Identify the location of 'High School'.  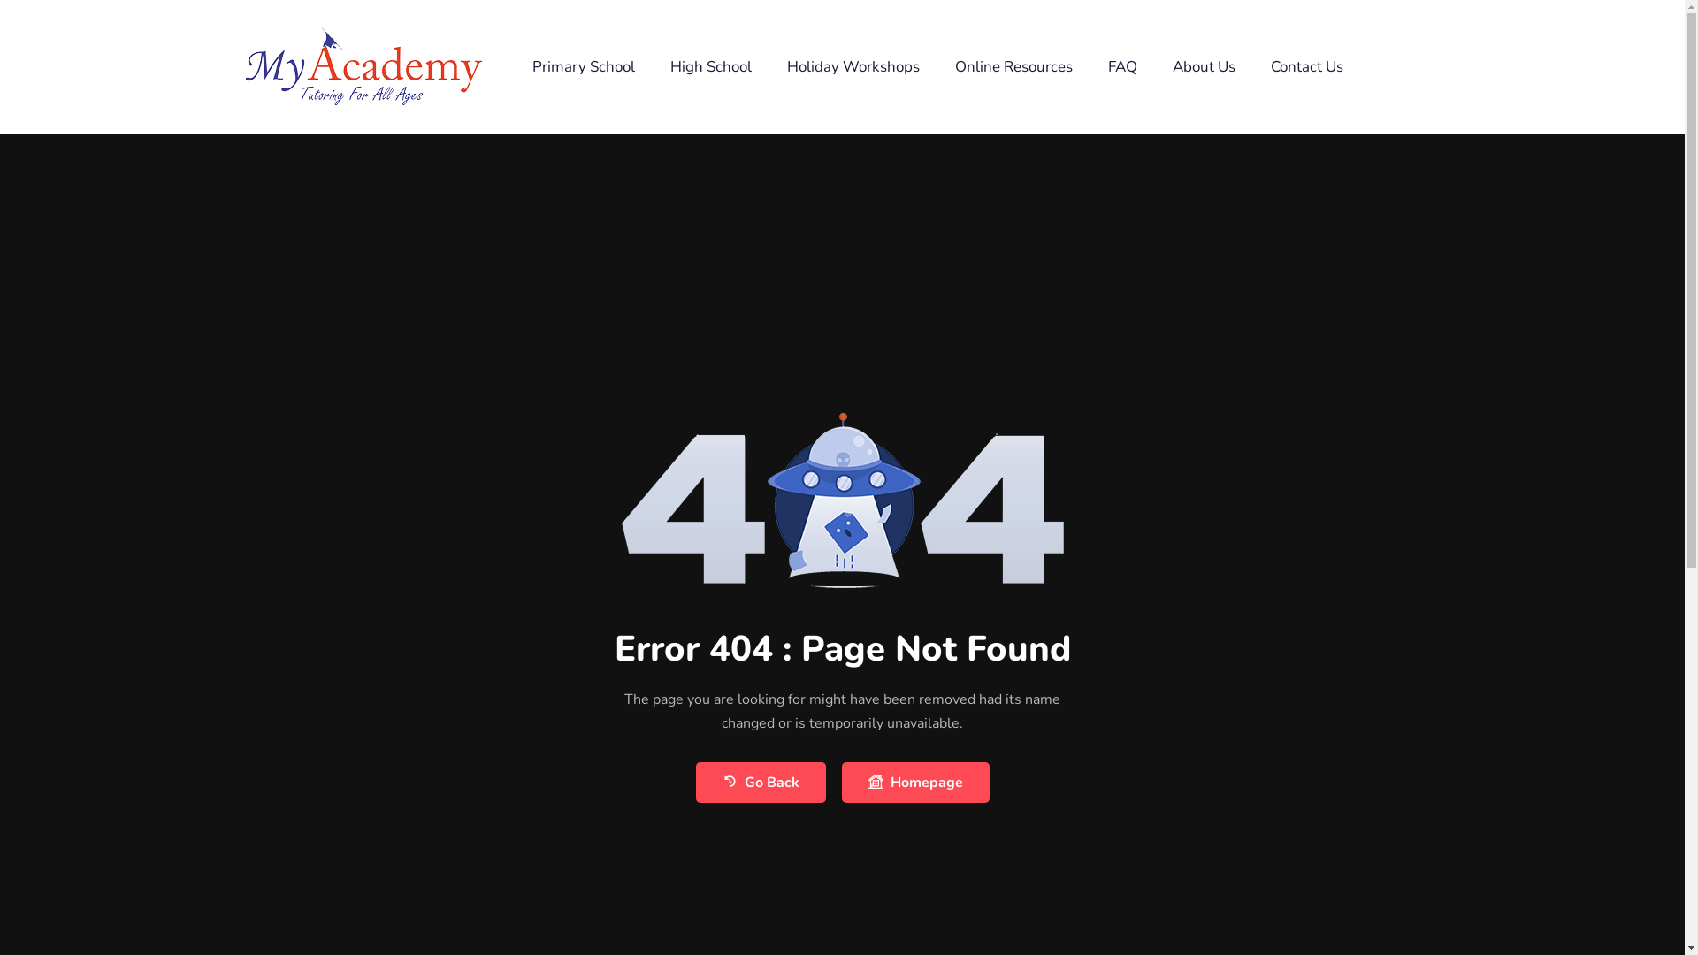
(711, 65).